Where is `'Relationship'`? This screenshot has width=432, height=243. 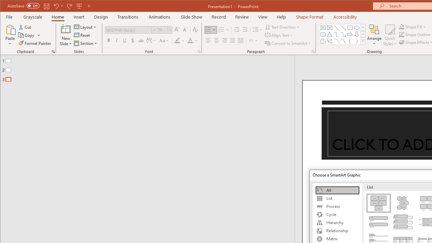
'Relationship' is located at coordinates (337, 231).